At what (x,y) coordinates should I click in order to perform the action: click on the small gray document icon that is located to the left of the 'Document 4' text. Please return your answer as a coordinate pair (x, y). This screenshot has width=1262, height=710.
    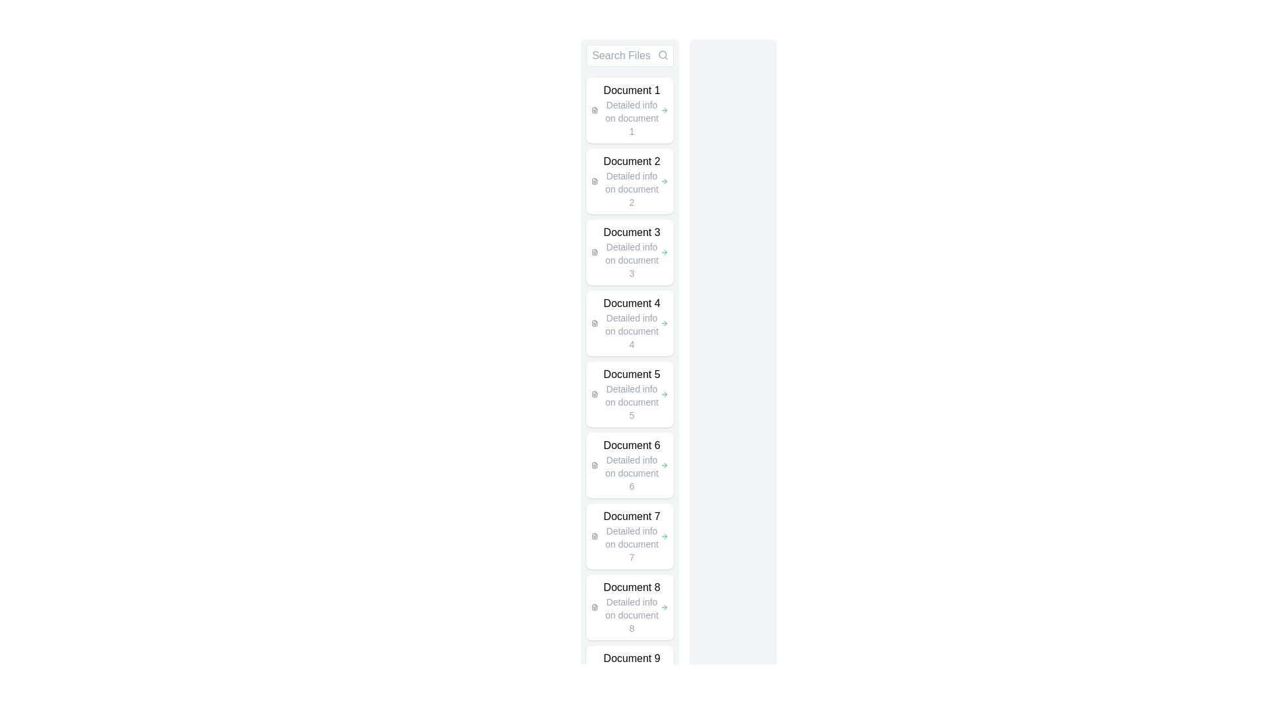
    Looking at the image, I should click on (594, 323).